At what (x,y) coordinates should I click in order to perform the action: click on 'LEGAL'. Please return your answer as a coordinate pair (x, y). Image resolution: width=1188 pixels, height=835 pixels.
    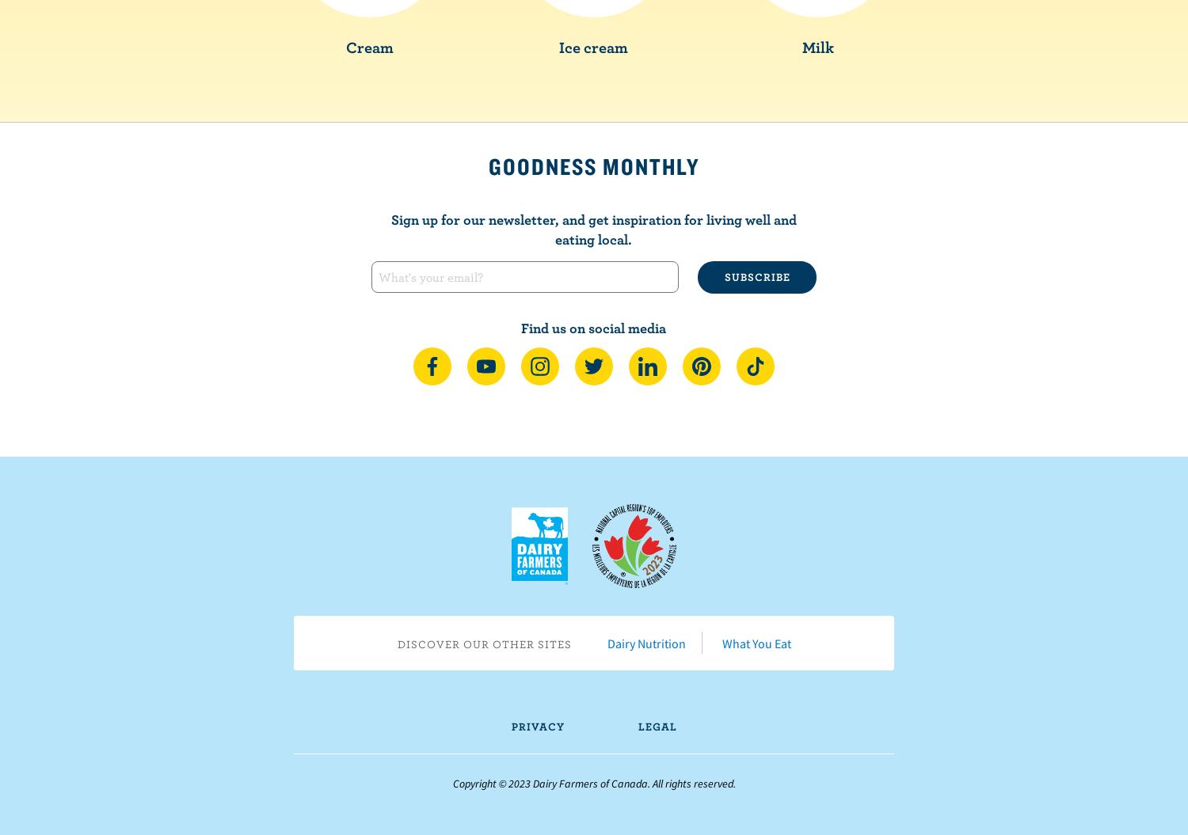
    Looking at the image, I should click on (656, 725).